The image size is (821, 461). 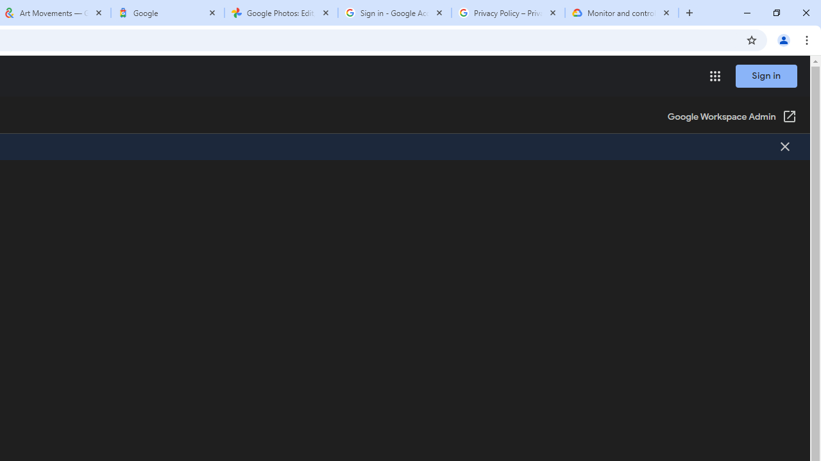 I want to click on 'Sign in - Google Accounts', so click(x=394, y=13).